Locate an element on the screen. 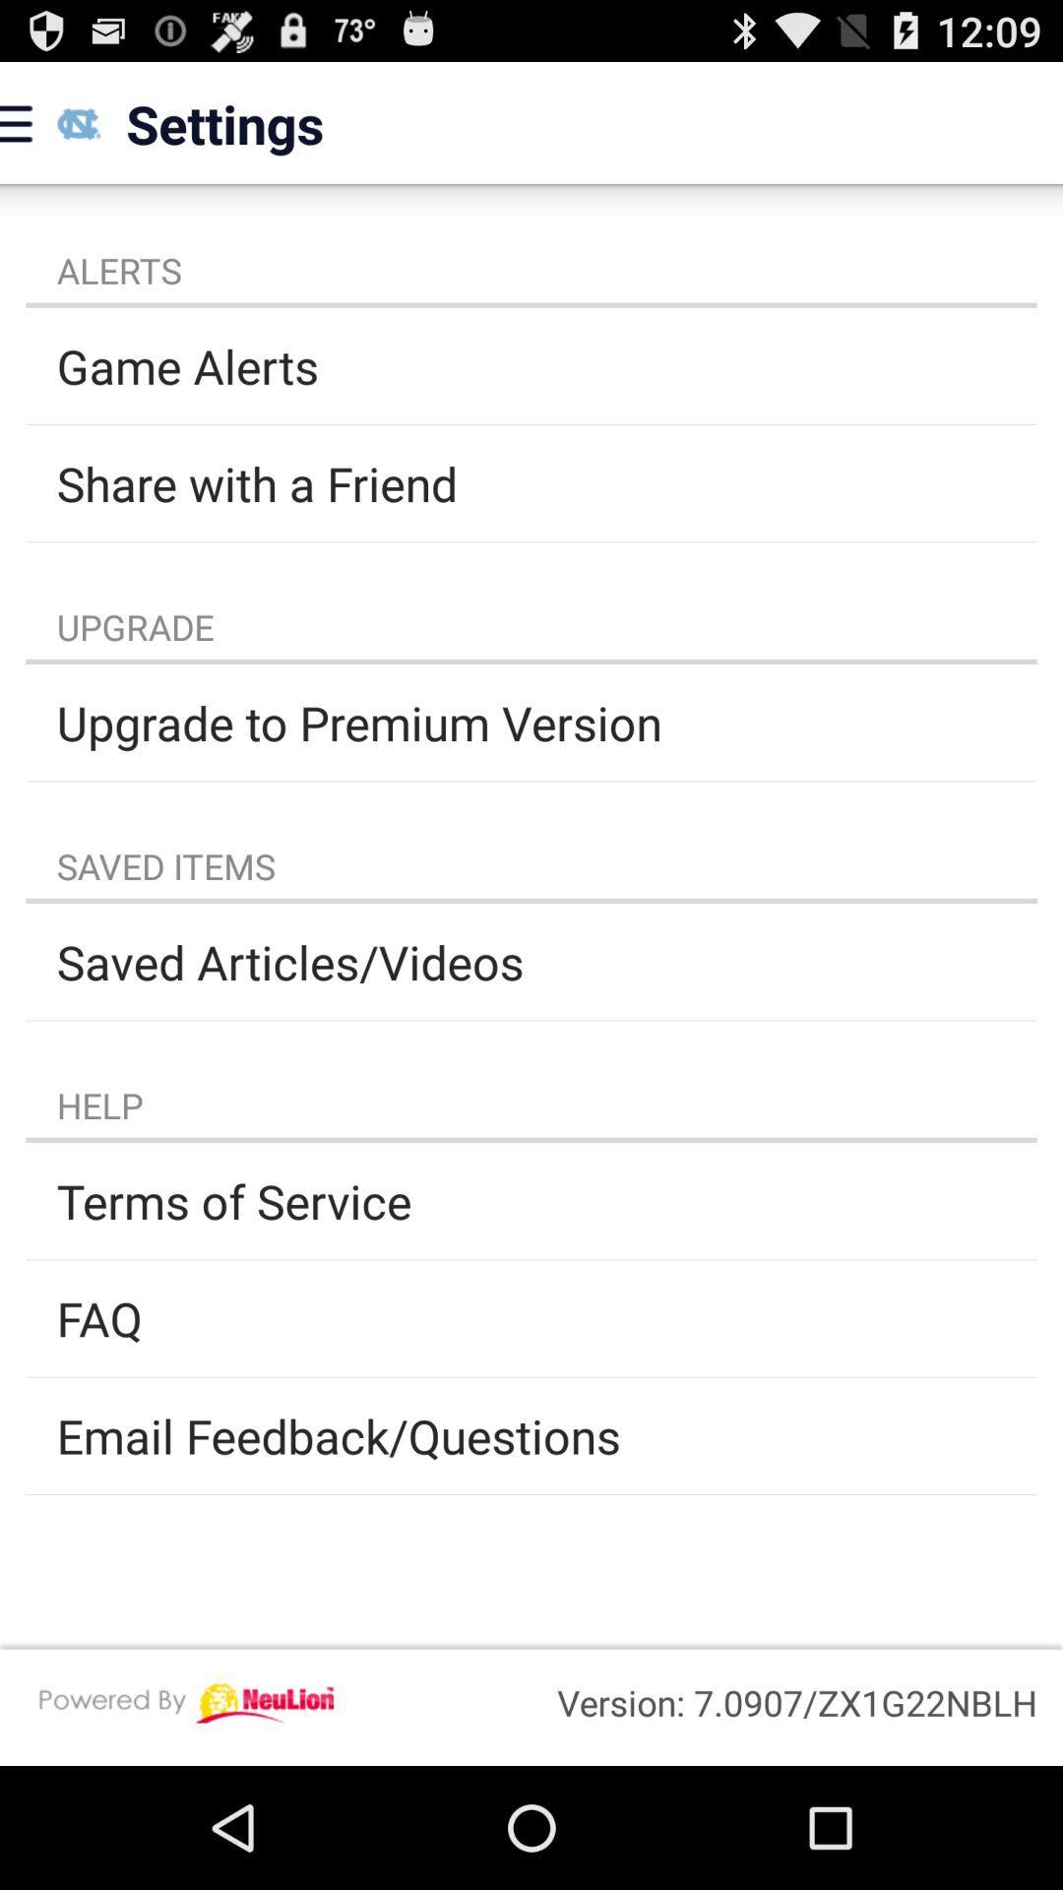 Image resolution: width=1063 pixels, height=1890 pixels. item below the terms of service icon is located at coordinates (531, 1318).